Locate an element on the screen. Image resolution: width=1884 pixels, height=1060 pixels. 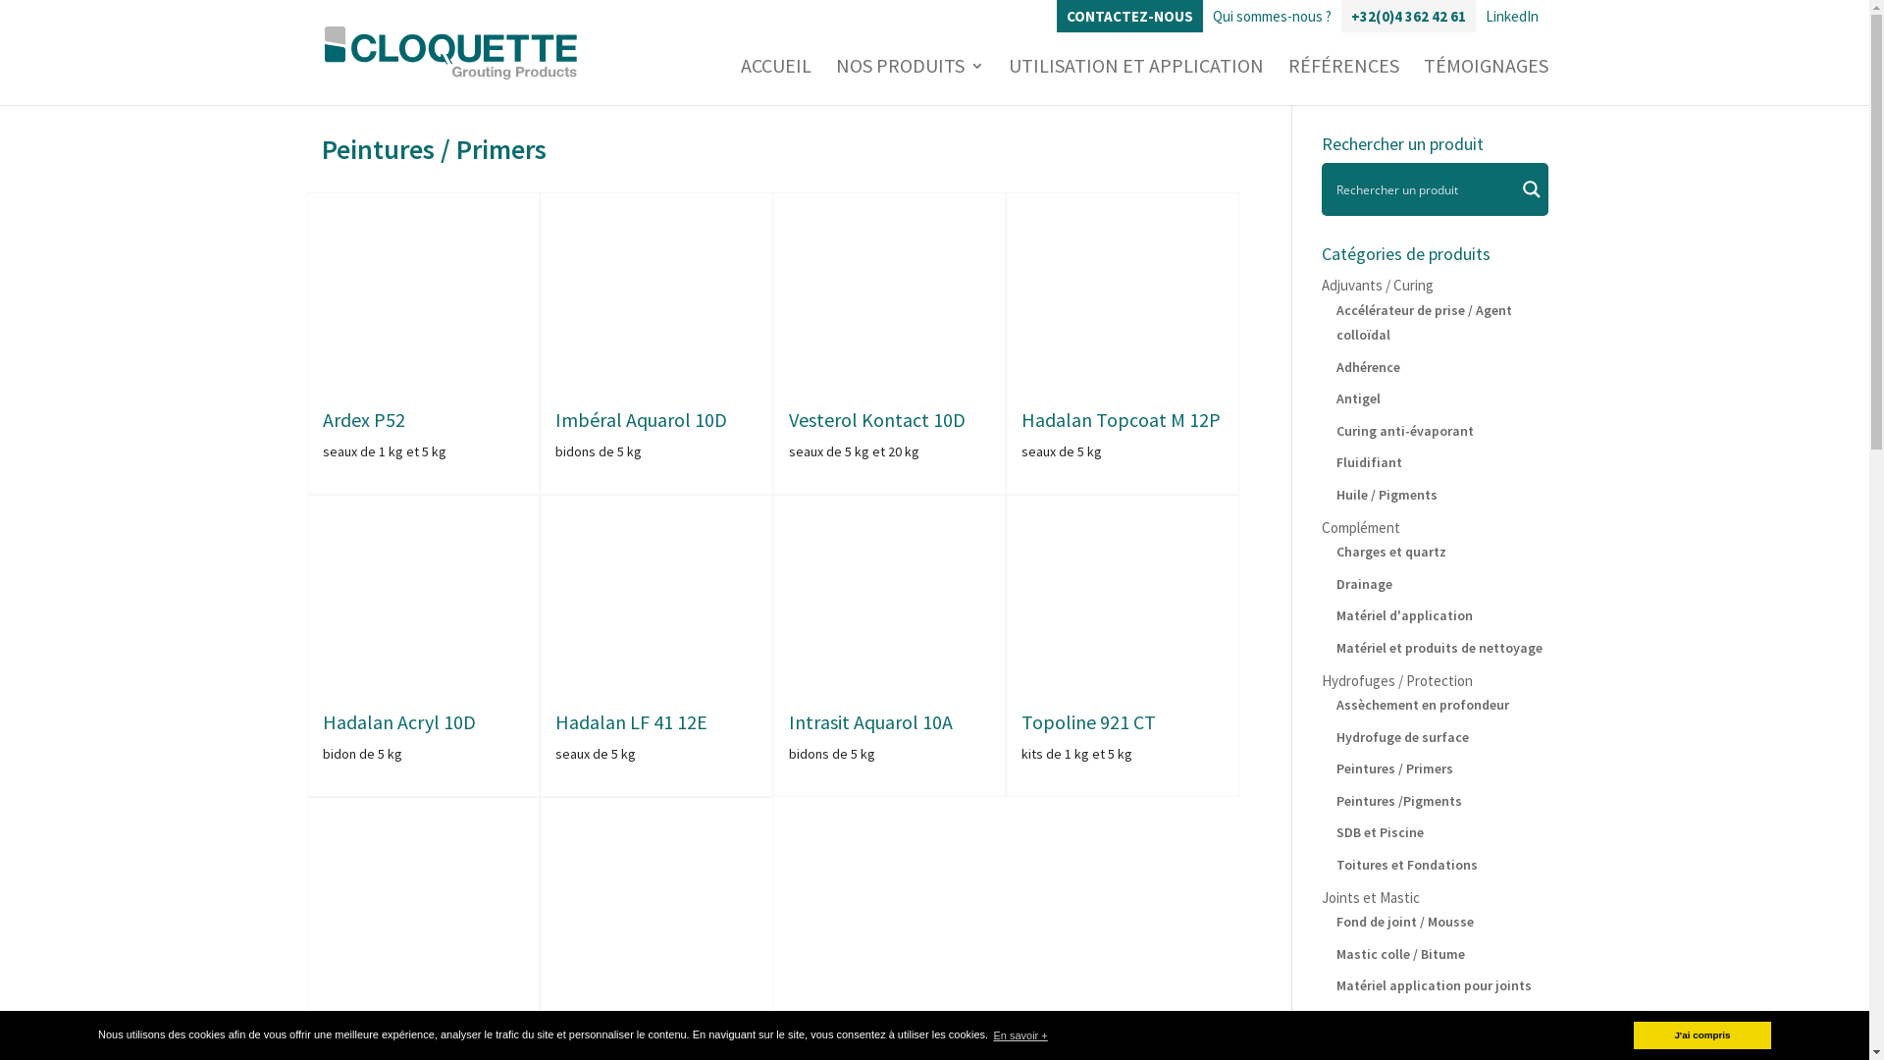
'Topoline 921 CT' is located at coordinates (1087, 721).